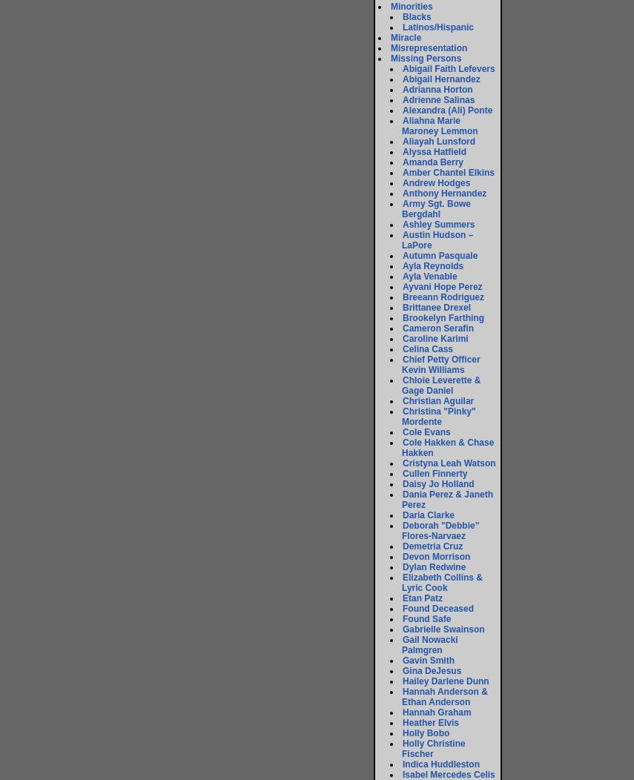 Image resolution: width=634 pixels, height=780 pixels. What do you see at coordinates (442, 287) in the screenshot?
I see `'Ayvani Hope Perez'` at bounding box center [442, 287].